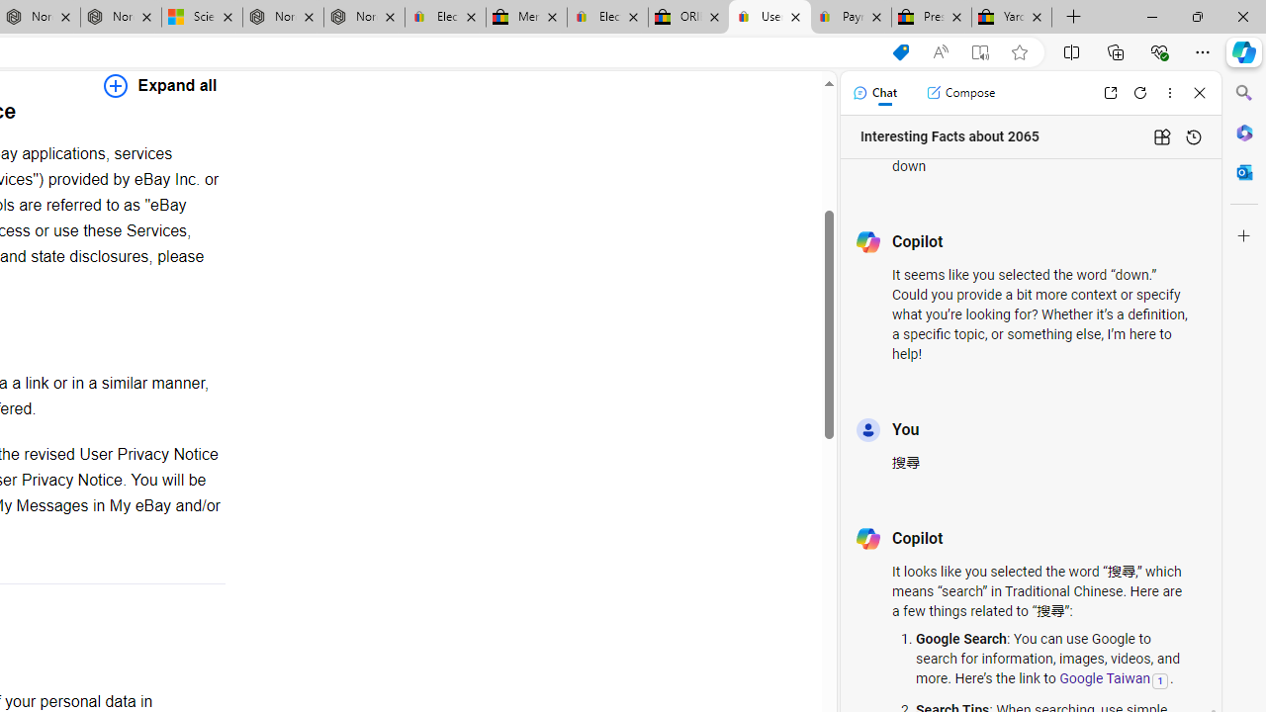 This screenshot has height=712, width=1266. Describe the element at coordinates (873, 92) in the screenshot. I see `'Chat'` at that location.